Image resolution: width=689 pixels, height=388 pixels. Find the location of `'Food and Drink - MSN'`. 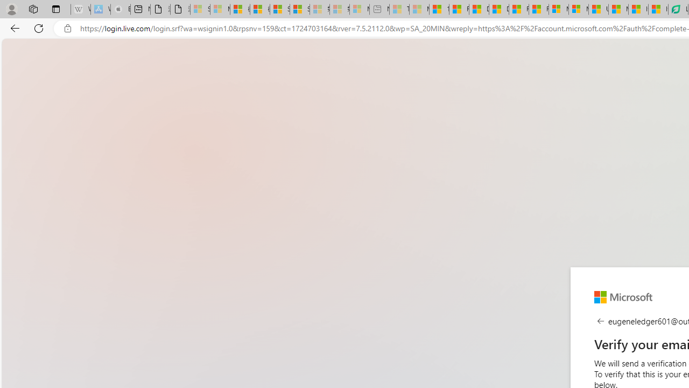

'Food and Drink - MSN' is located at coordinates (459, 9).